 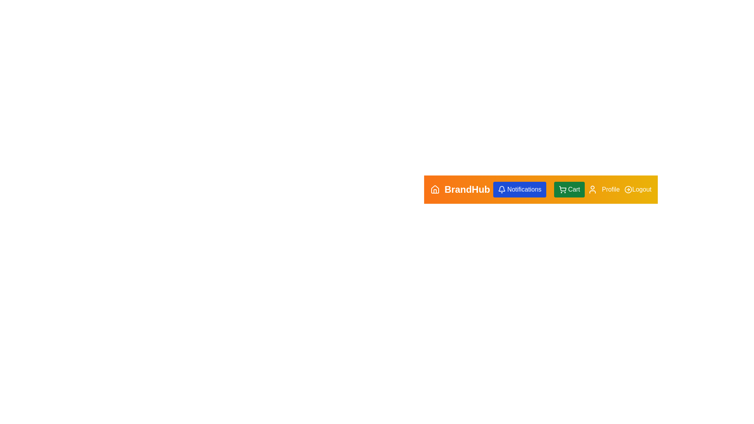 I want to click on the Profile icon to access user profile settings, so click(x=592, y=189).